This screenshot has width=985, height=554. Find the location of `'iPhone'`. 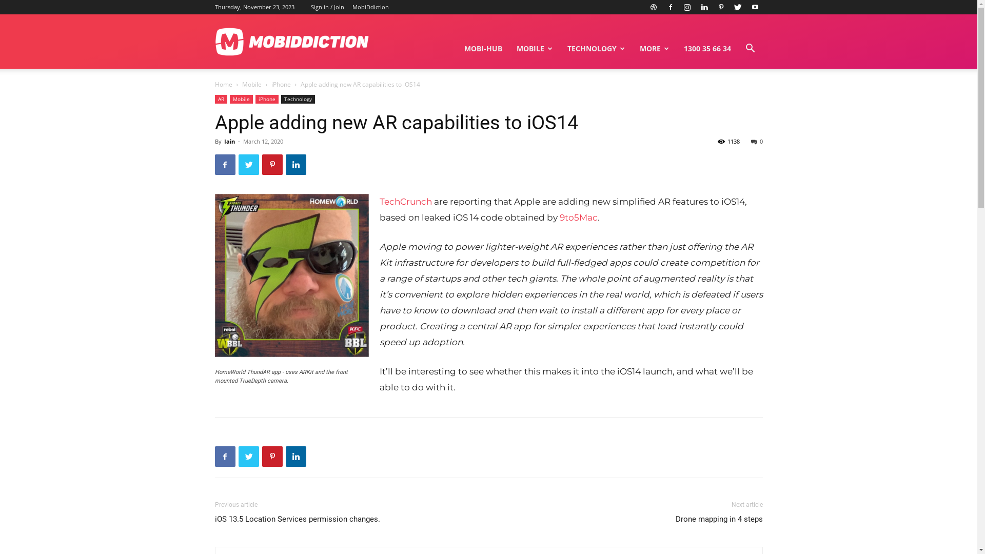

'iPhone' is located at coordinates (281, 84).